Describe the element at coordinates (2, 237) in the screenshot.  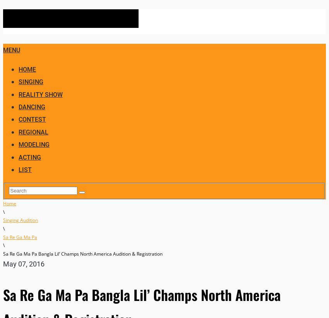
I see `'Sa Re Ga Ma Pa'` at that location.